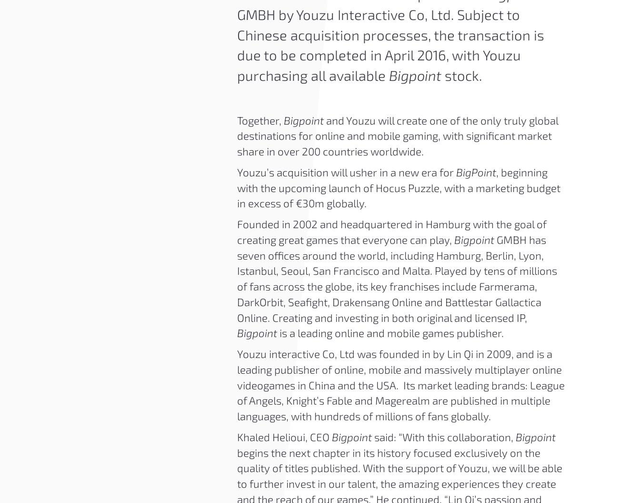 The height and width of the screenshot is (503, 619). What do you see at coordinates (236, 171) in the screenshot?
I see `'Youzu’s acquisition will usher in a new era for'` at bounding box center [236, 171].